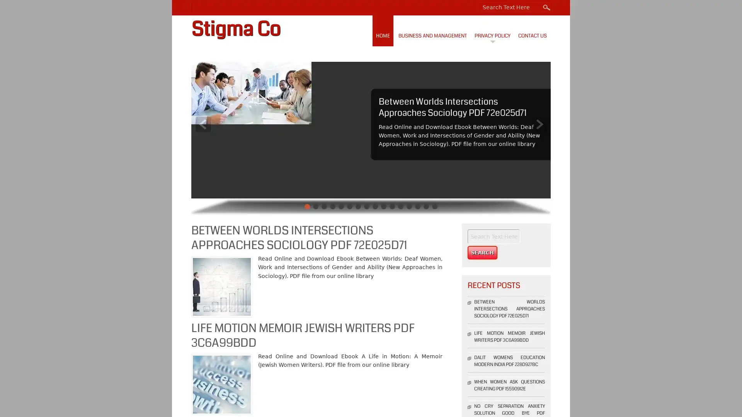 The width and height of the screenshot is (742, 417). Describe the element at coordinates (482, 253) in the screenshot. I see `Search` at that location.